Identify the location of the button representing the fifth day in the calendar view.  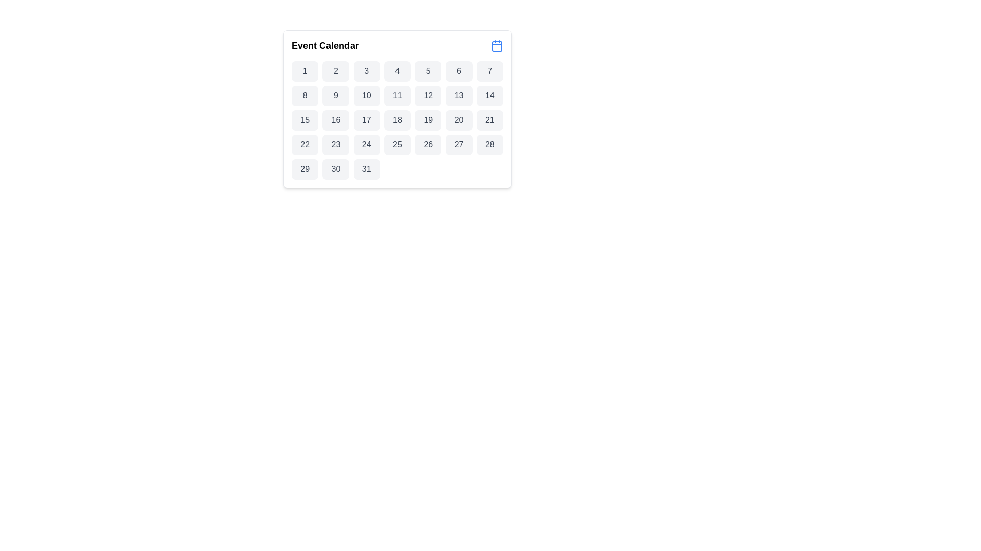
(428, 70).